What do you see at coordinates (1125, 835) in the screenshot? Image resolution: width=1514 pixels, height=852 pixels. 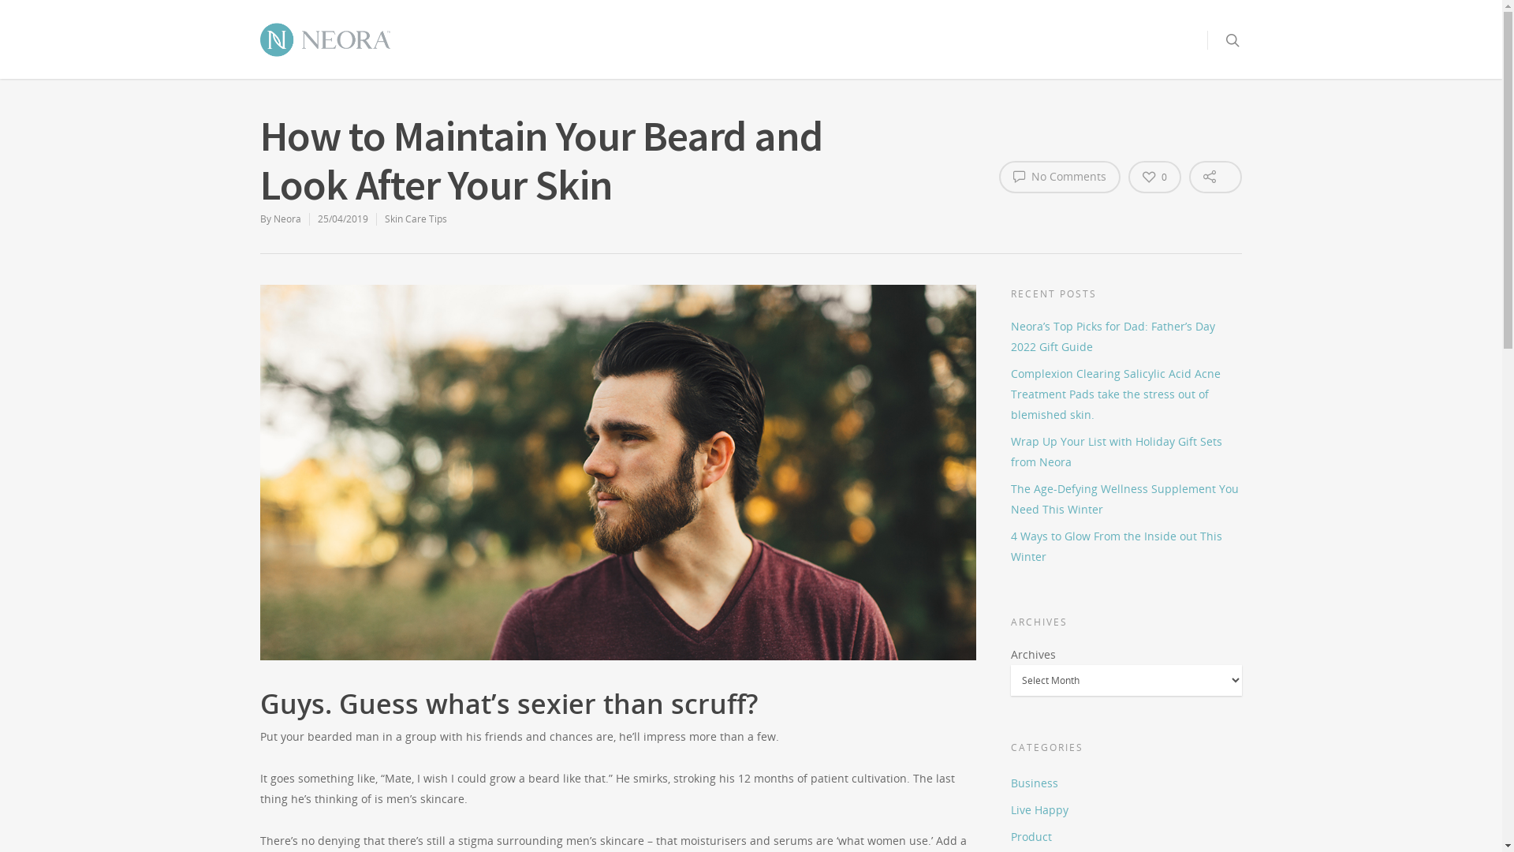 I see `'Product'` at bounding box center [1125, 835].